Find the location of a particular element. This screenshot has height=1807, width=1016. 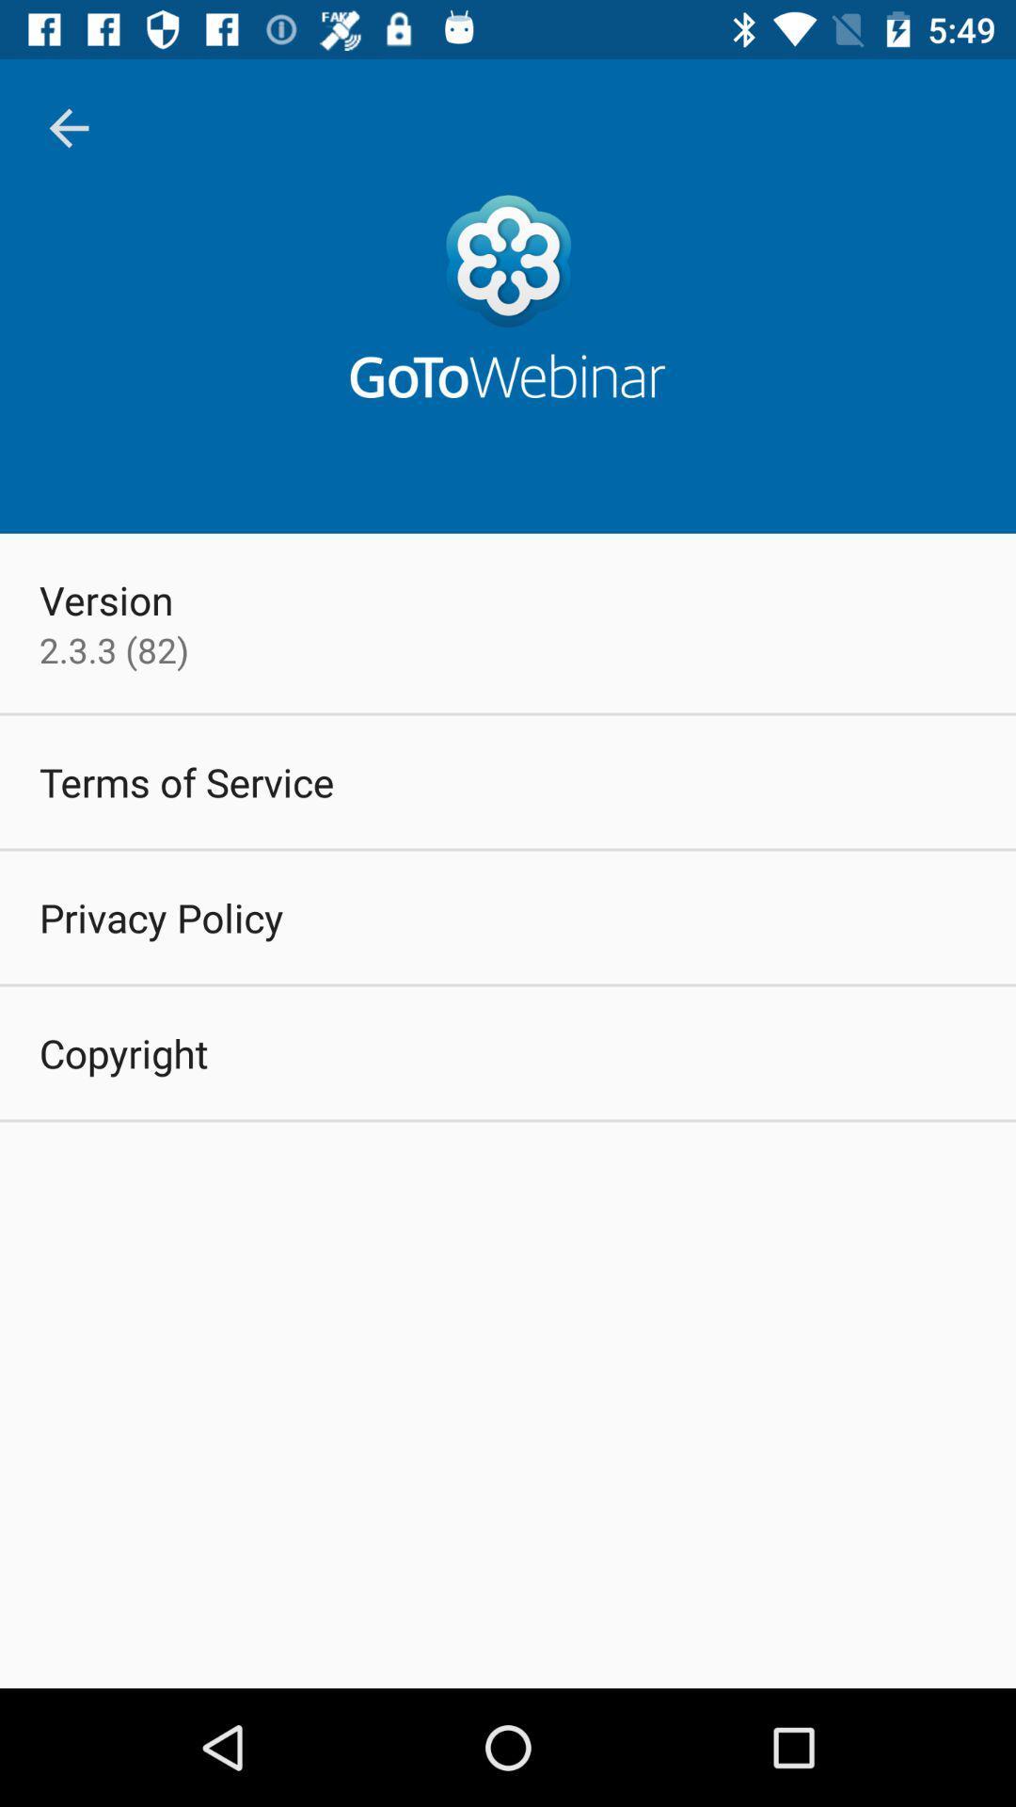

the 2 3 3 is located at coordinates (114, 649).